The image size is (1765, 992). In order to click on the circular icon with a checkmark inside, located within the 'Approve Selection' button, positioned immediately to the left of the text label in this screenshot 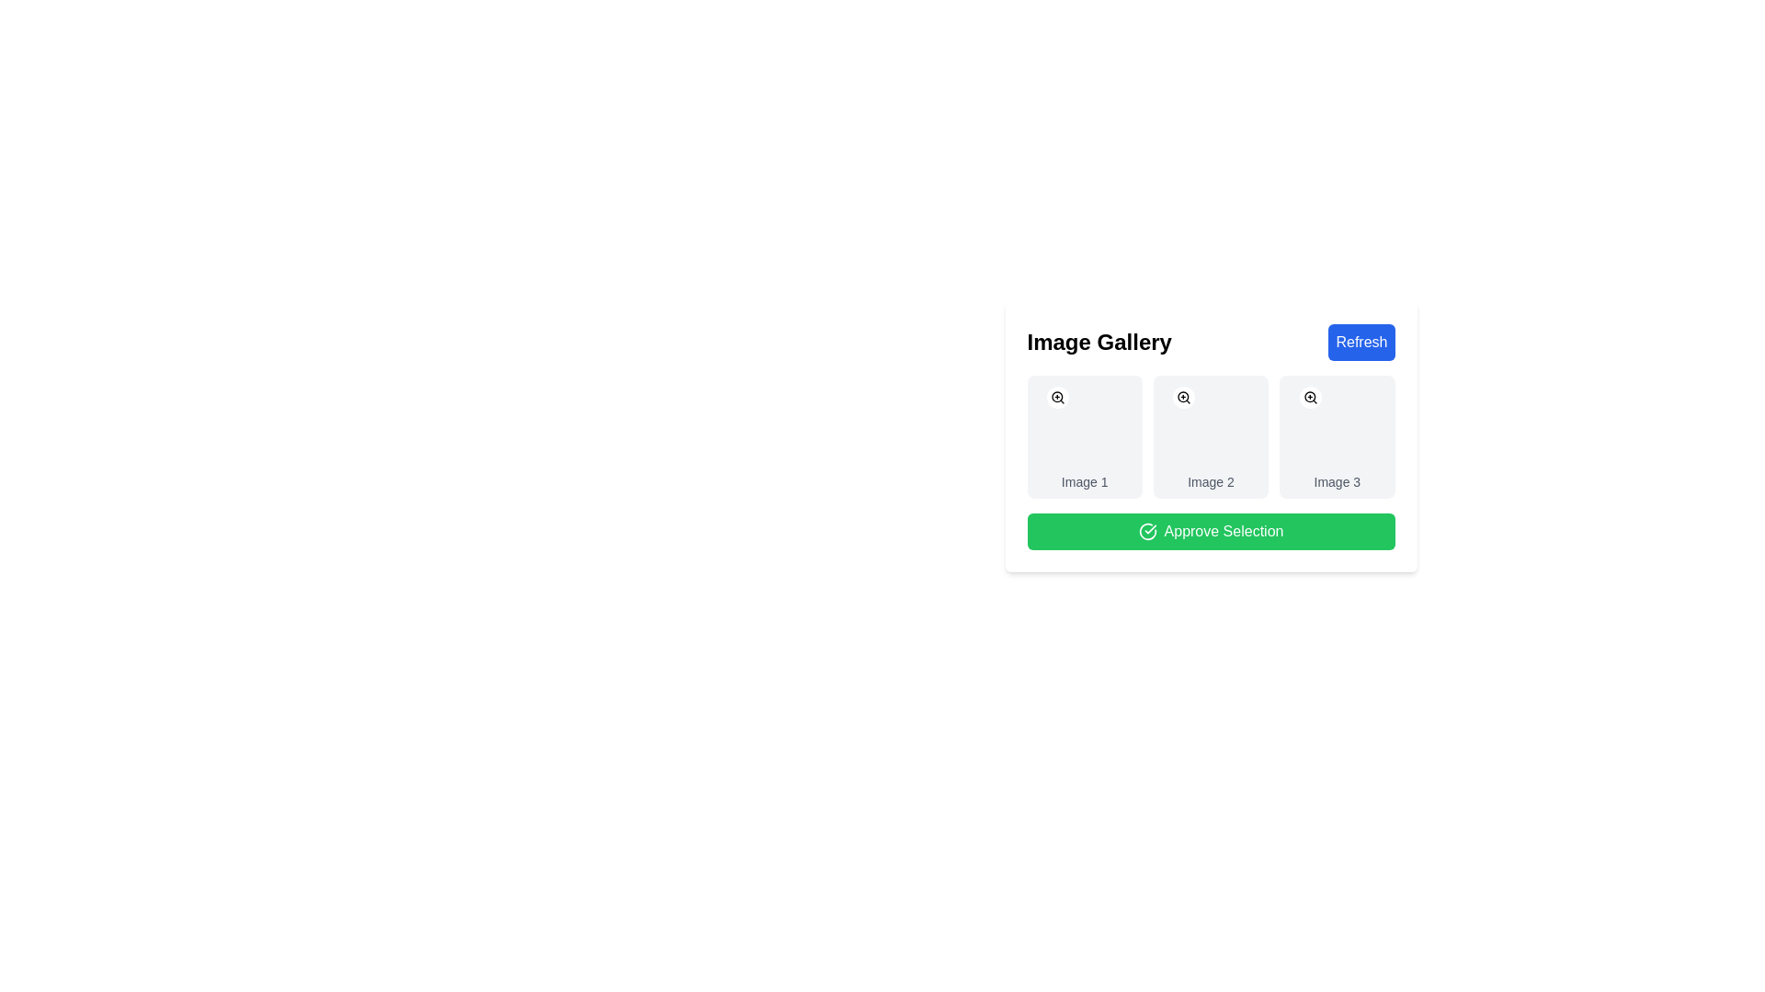, I will do `click(1146, 531)`.